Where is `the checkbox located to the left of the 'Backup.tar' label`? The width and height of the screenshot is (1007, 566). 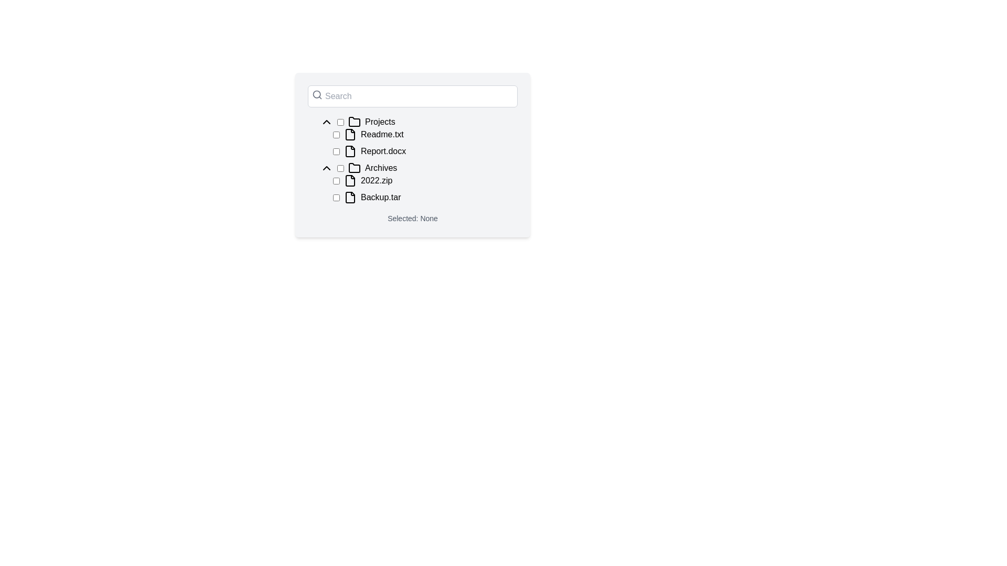 the checkbox located to the left of the 'Backup.tar' label is located at coordinates (336, 198).